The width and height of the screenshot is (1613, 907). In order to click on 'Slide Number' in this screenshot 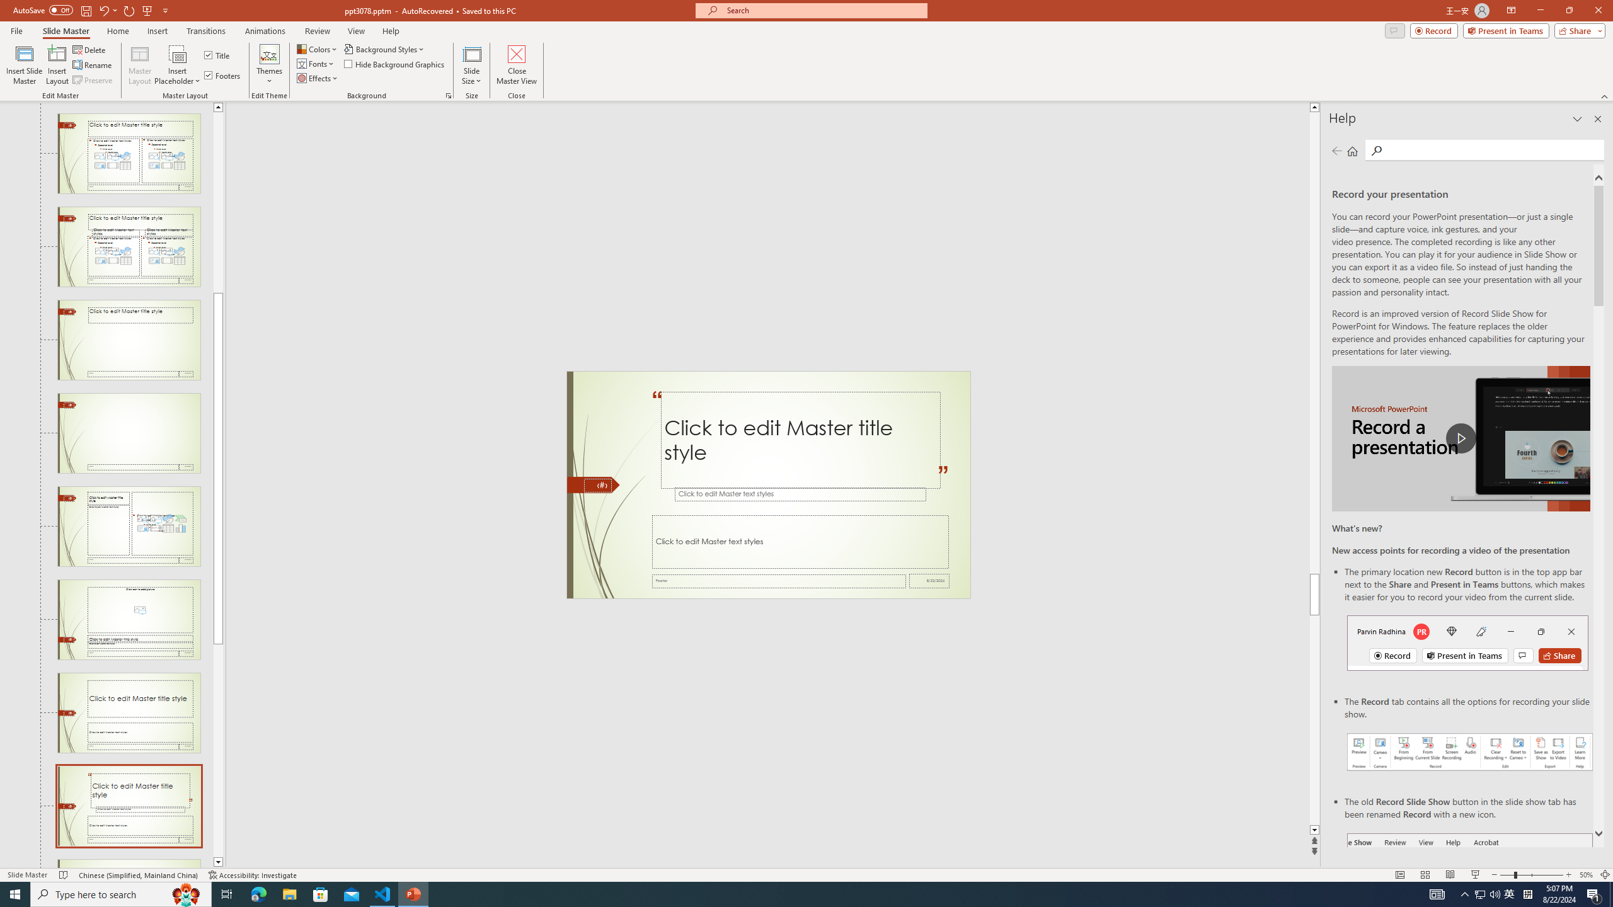, I will do `click(597, 485)`.